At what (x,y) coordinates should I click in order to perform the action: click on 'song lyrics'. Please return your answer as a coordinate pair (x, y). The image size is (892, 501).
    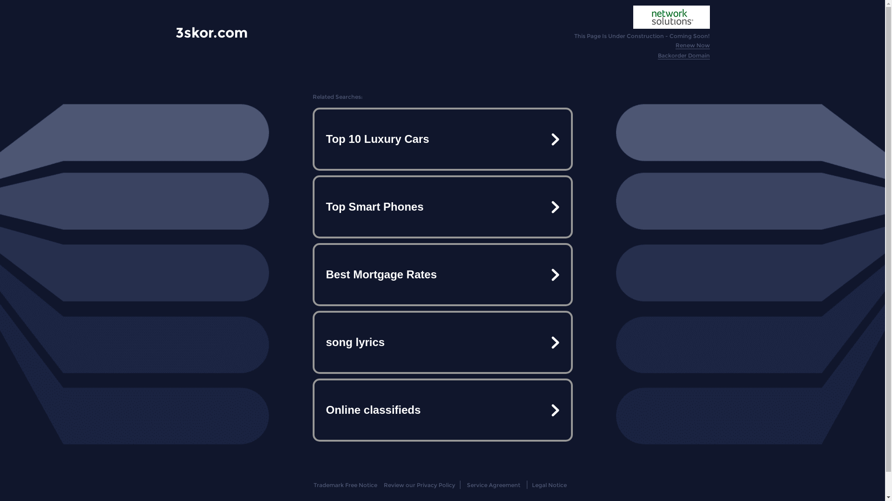
    Looking at the image, I should click on (441, 342).